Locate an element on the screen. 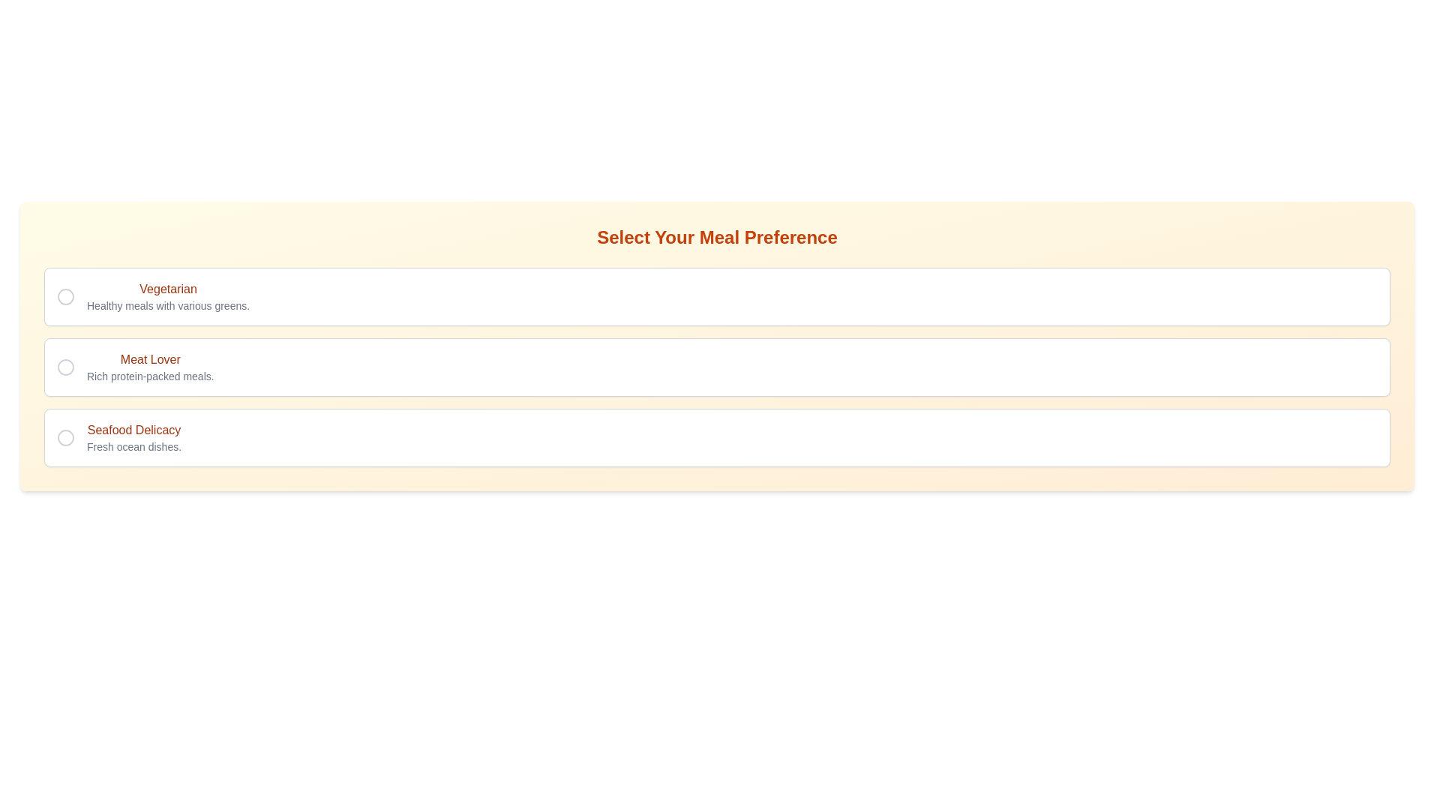  text block displaying the heading 'Vegetarian' in medium orange font and the description 'Healthy meals with various greens.' located in the first card of the meal preferences list is located at coordinates (168, 297).